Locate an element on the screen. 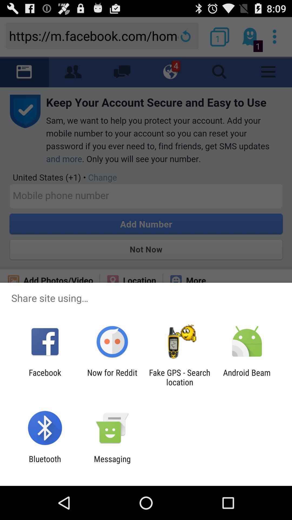 This screenshot has width=292, height=520. item to the right of facebook app is located at coordinates (112, 377).